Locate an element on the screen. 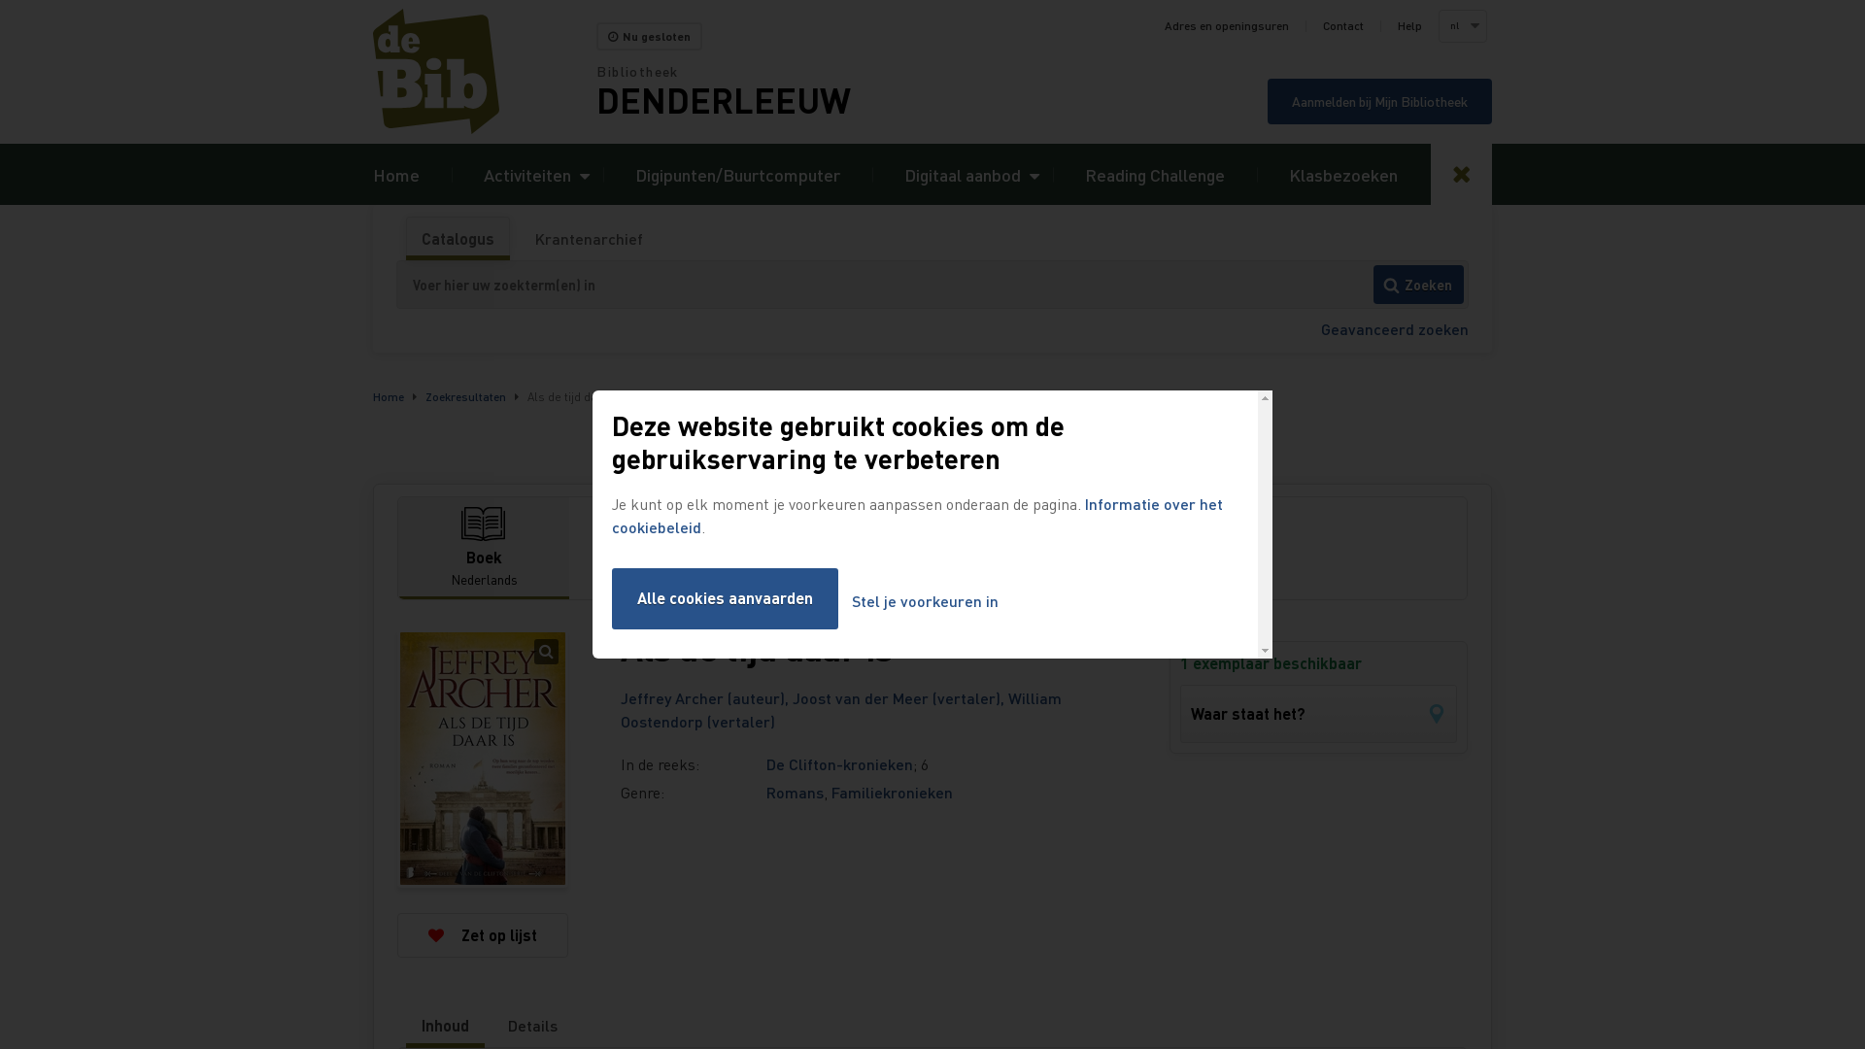 This screenshot has height=1049, width=1865. 'Krantenarchief' is located at coordinates (588, 238).